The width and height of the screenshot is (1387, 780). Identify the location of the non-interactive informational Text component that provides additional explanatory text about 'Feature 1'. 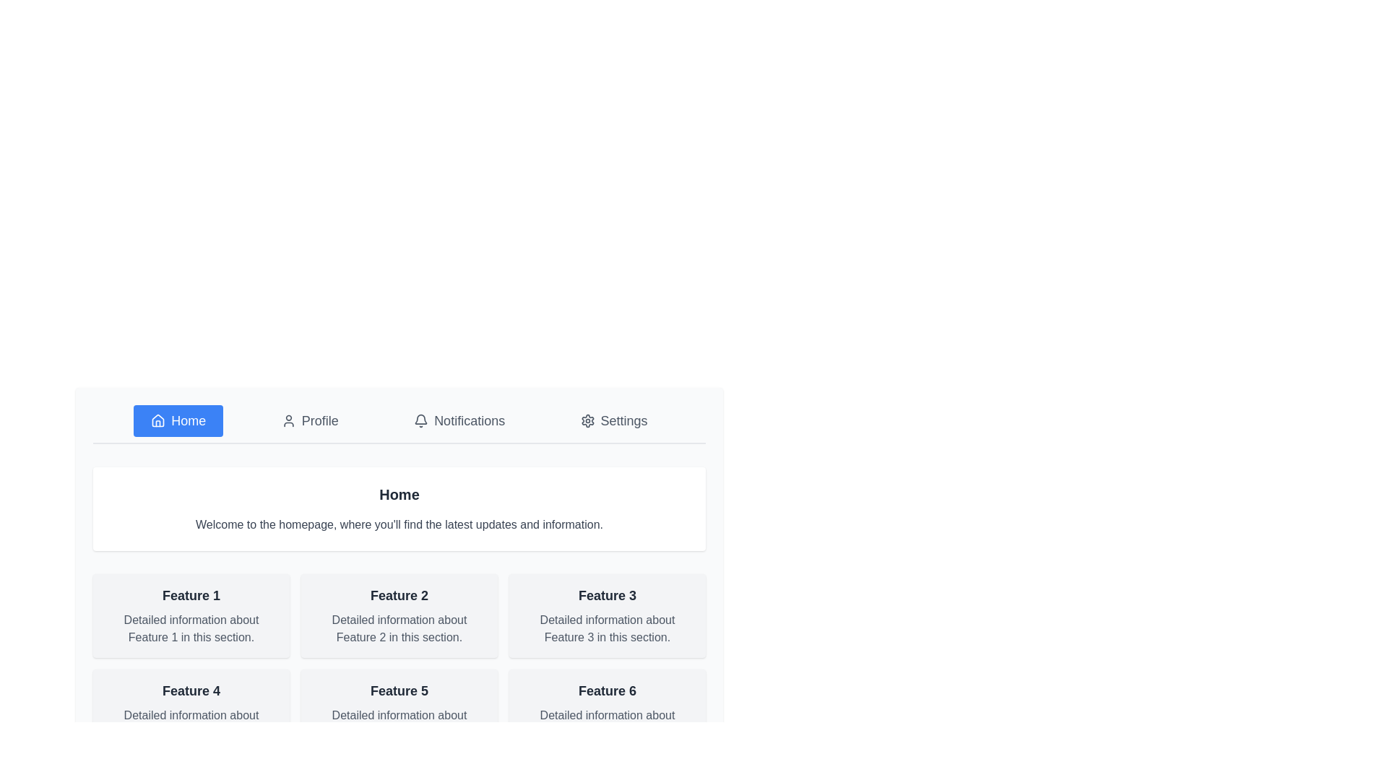
(190, 628).